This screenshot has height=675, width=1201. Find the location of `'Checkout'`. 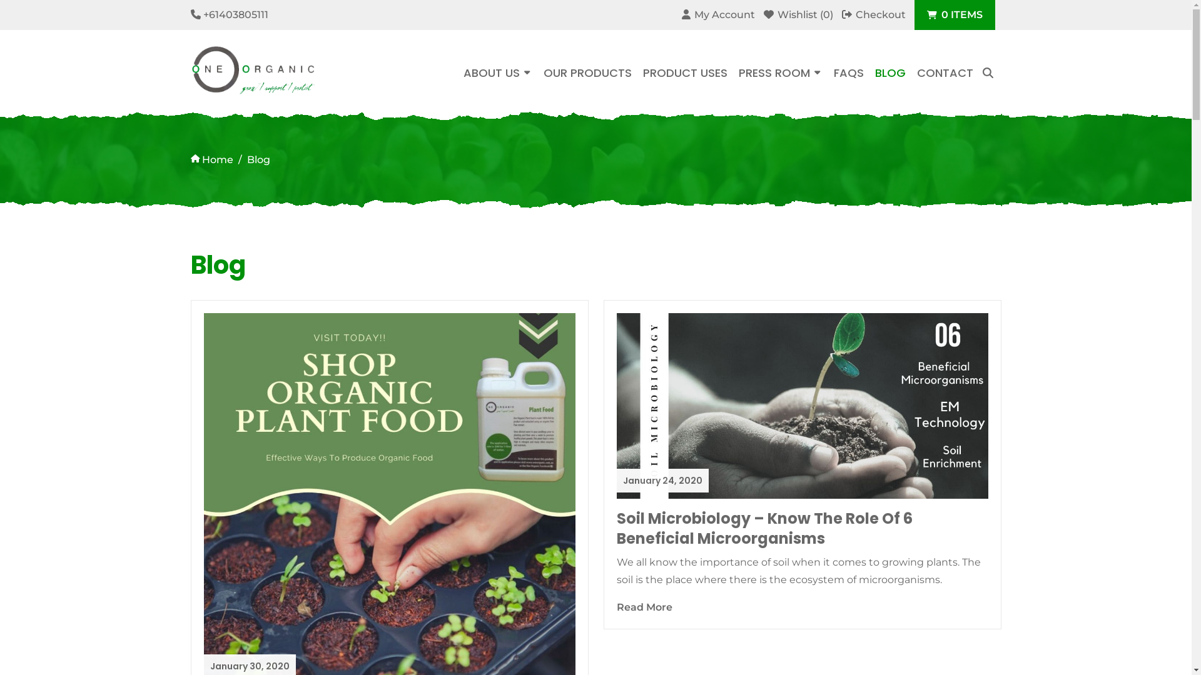

'Checkout' is located at coordinates (873, 14).